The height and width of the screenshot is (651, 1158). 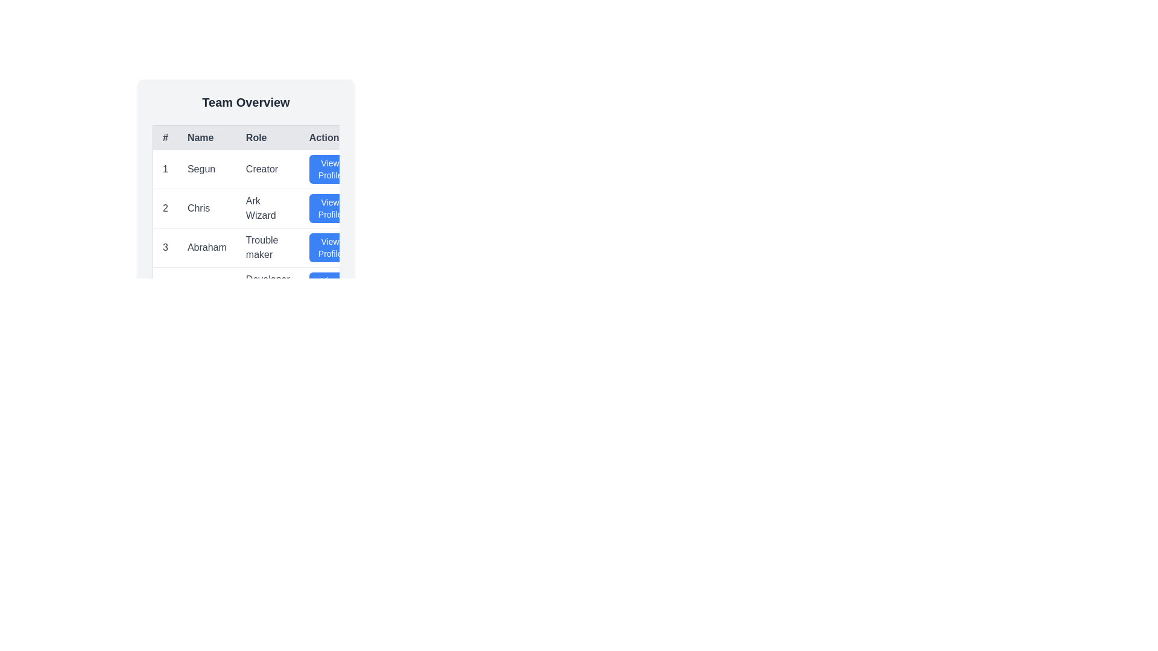 I want to click on the 'Creator' text label located in the 'Role' column of the table, which is positioned between 'Segun' and 'View Profile', so click(x=267, y=169).